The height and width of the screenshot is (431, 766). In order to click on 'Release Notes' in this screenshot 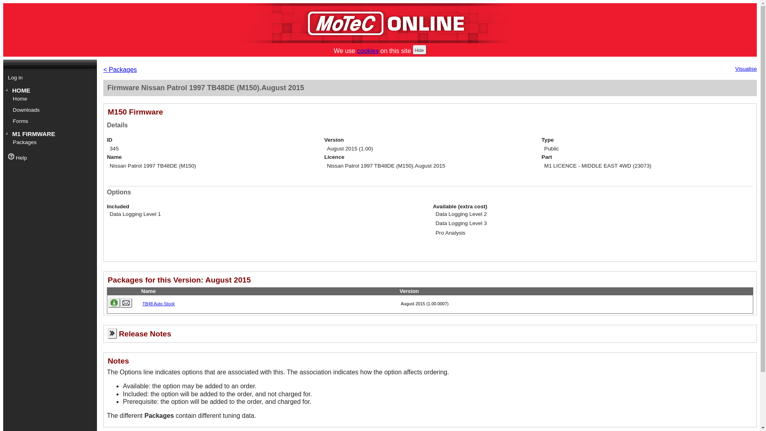, I will do `click(107, 334)`.